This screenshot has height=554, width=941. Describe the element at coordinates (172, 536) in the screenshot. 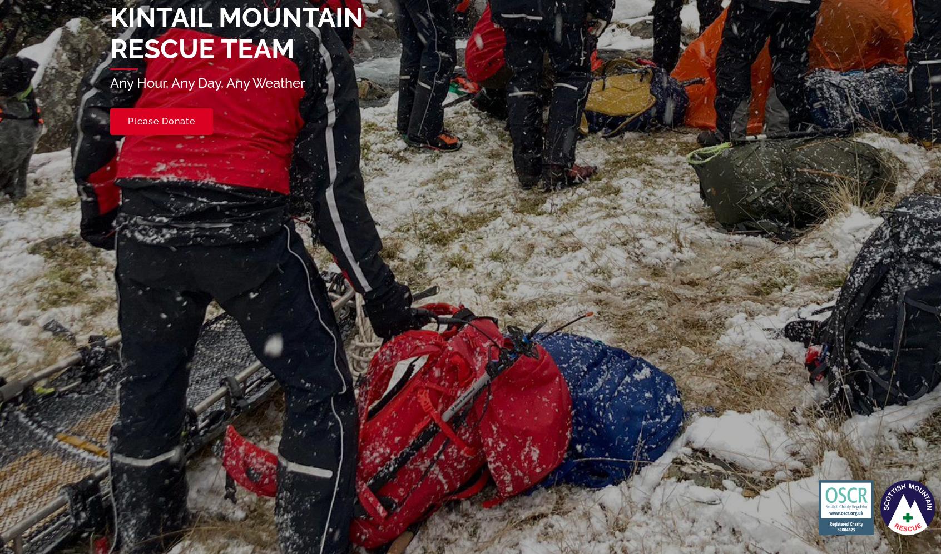

I see `'We use cookies to ensure you get the best possible experience on this website.'` at that location.